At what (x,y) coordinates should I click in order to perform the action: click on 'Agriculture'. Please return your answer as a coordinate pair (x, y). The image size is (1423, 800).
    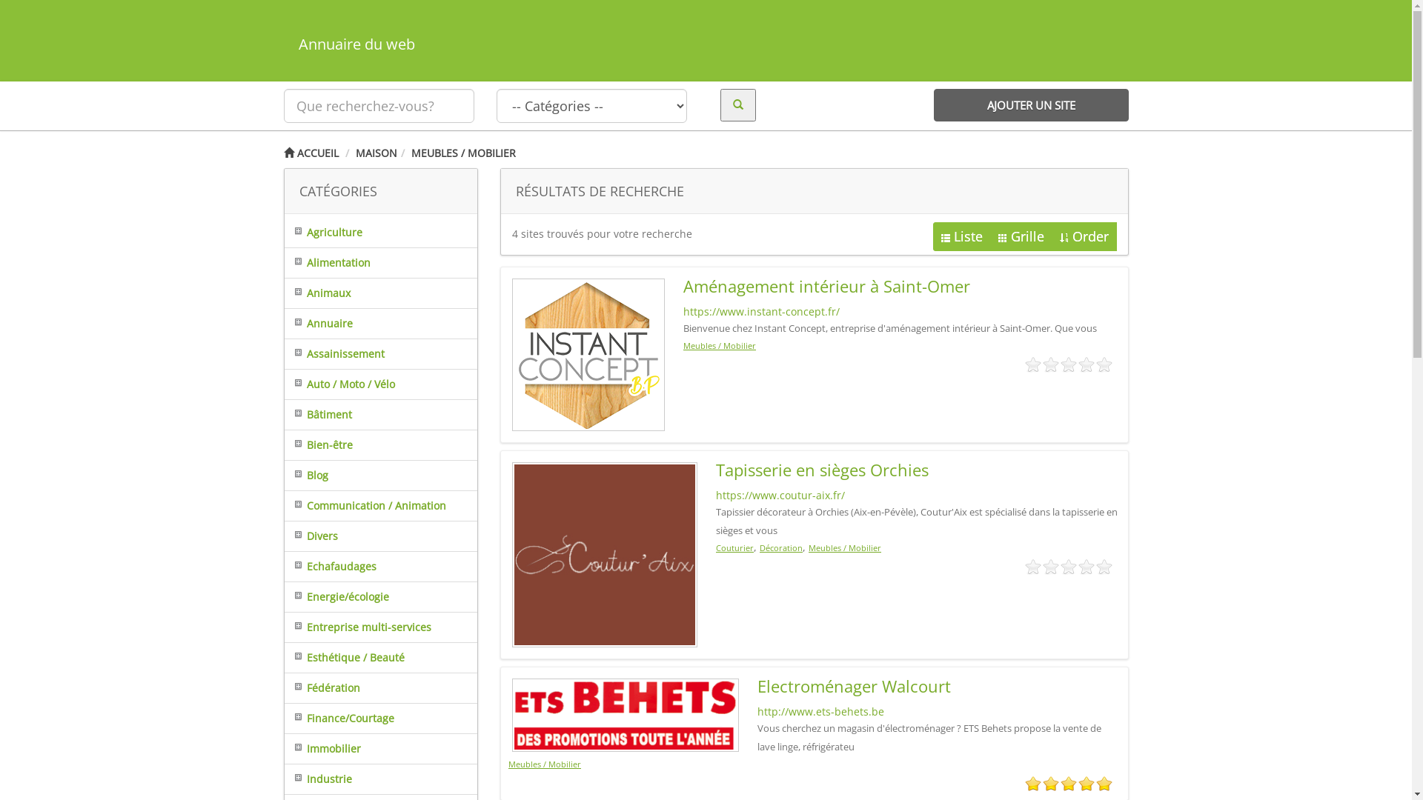
    Looking at the image, I should click on (322, 232).